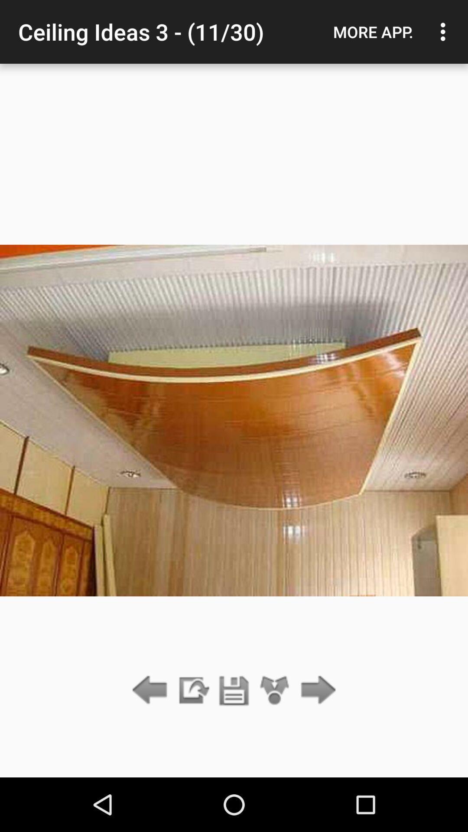 This screenshot has width=468, height=832. I want to click on the more app. item, so click(373, 32).